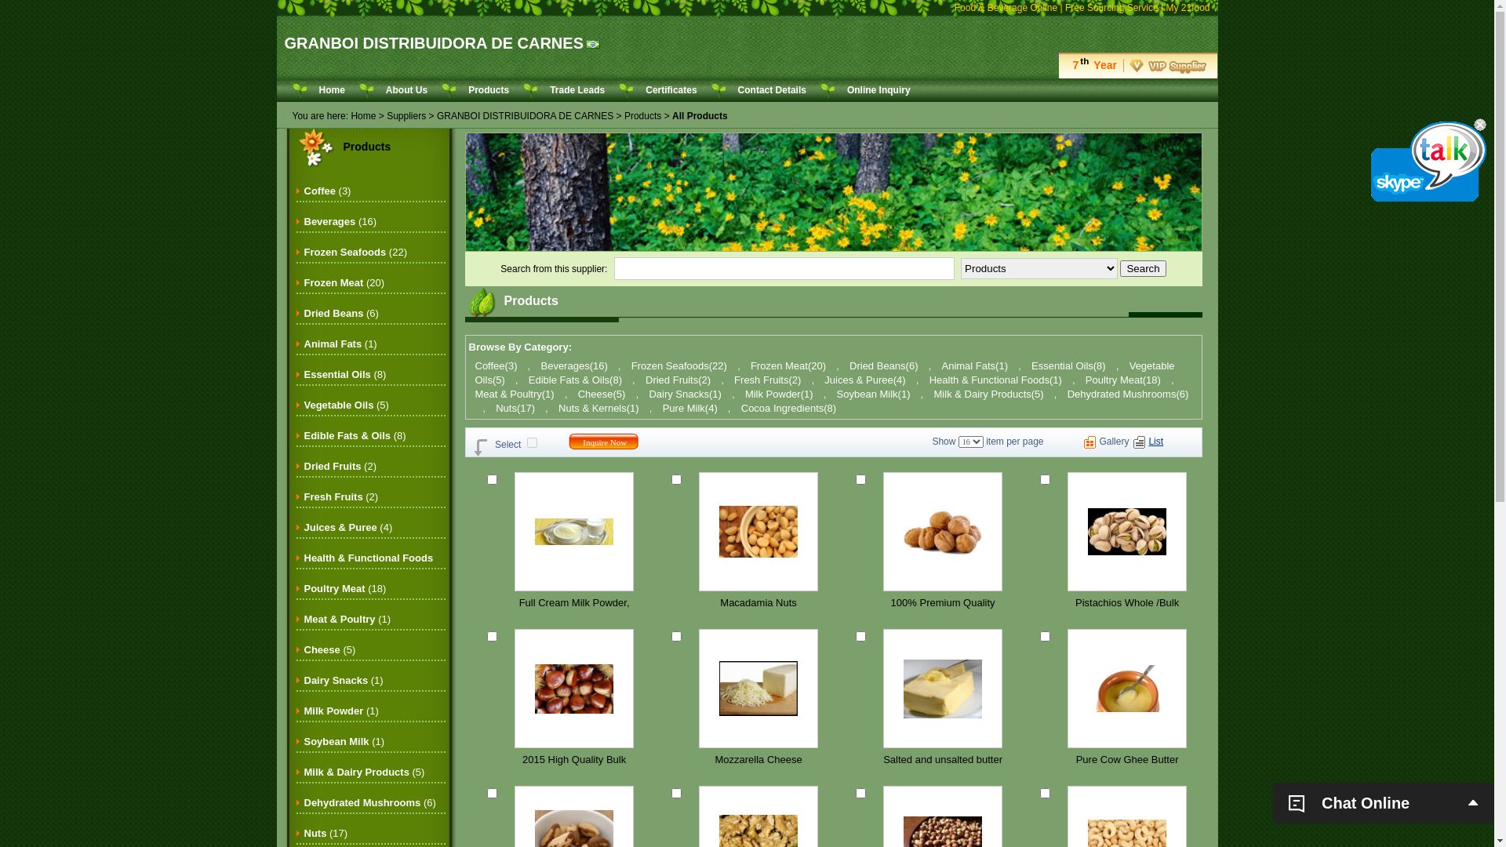  Describe the element at coordinates (1119, 267) in the screenshot. I see `'Search'` at that location.